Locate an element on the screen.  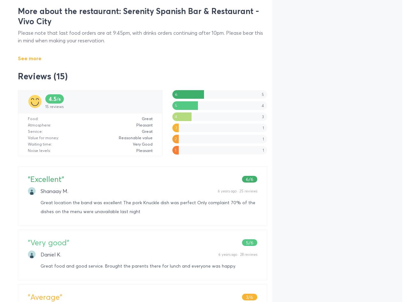
'Service' is located at coordinates (34, 131).